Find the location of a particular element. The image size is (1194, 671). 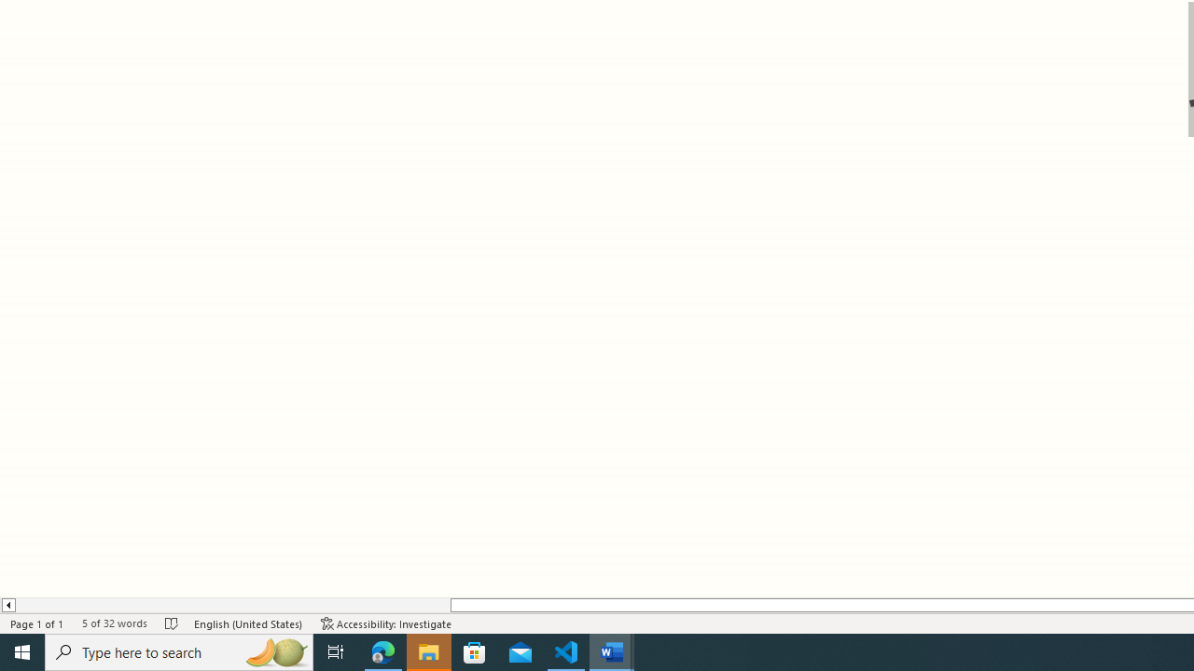

'Word Count 5 of 32 words' is located at coordinates (113, 623).